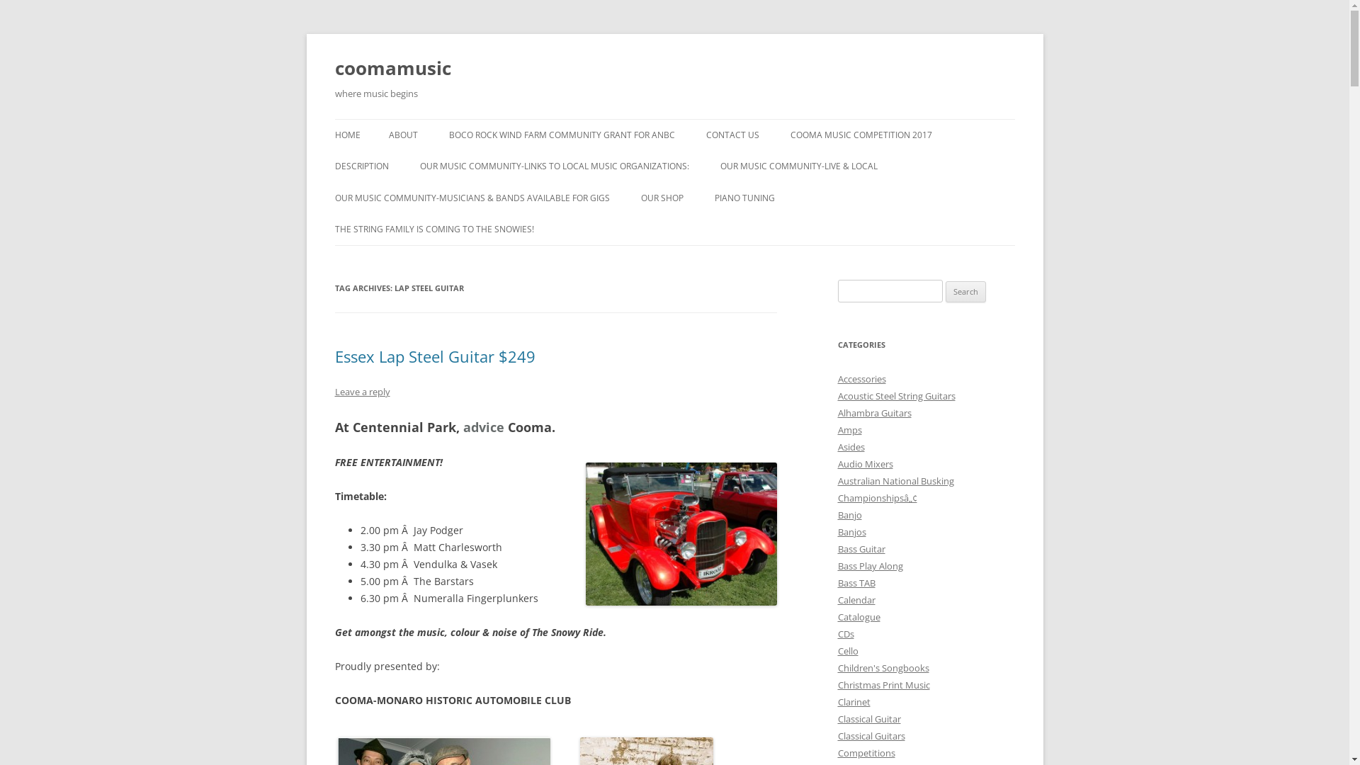 The width and height of the screenshot is (1360, 765). Describe the element at coordinates (883, 684) in the screenshot. I see `'Christmas Print Music'` at that location.